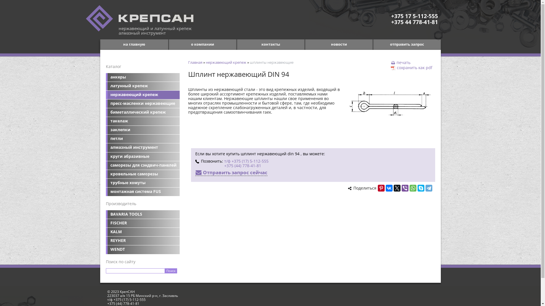 The height and width of the screenshot is (306, 545). I want to click on 'FISCHER', so click(142, 223).